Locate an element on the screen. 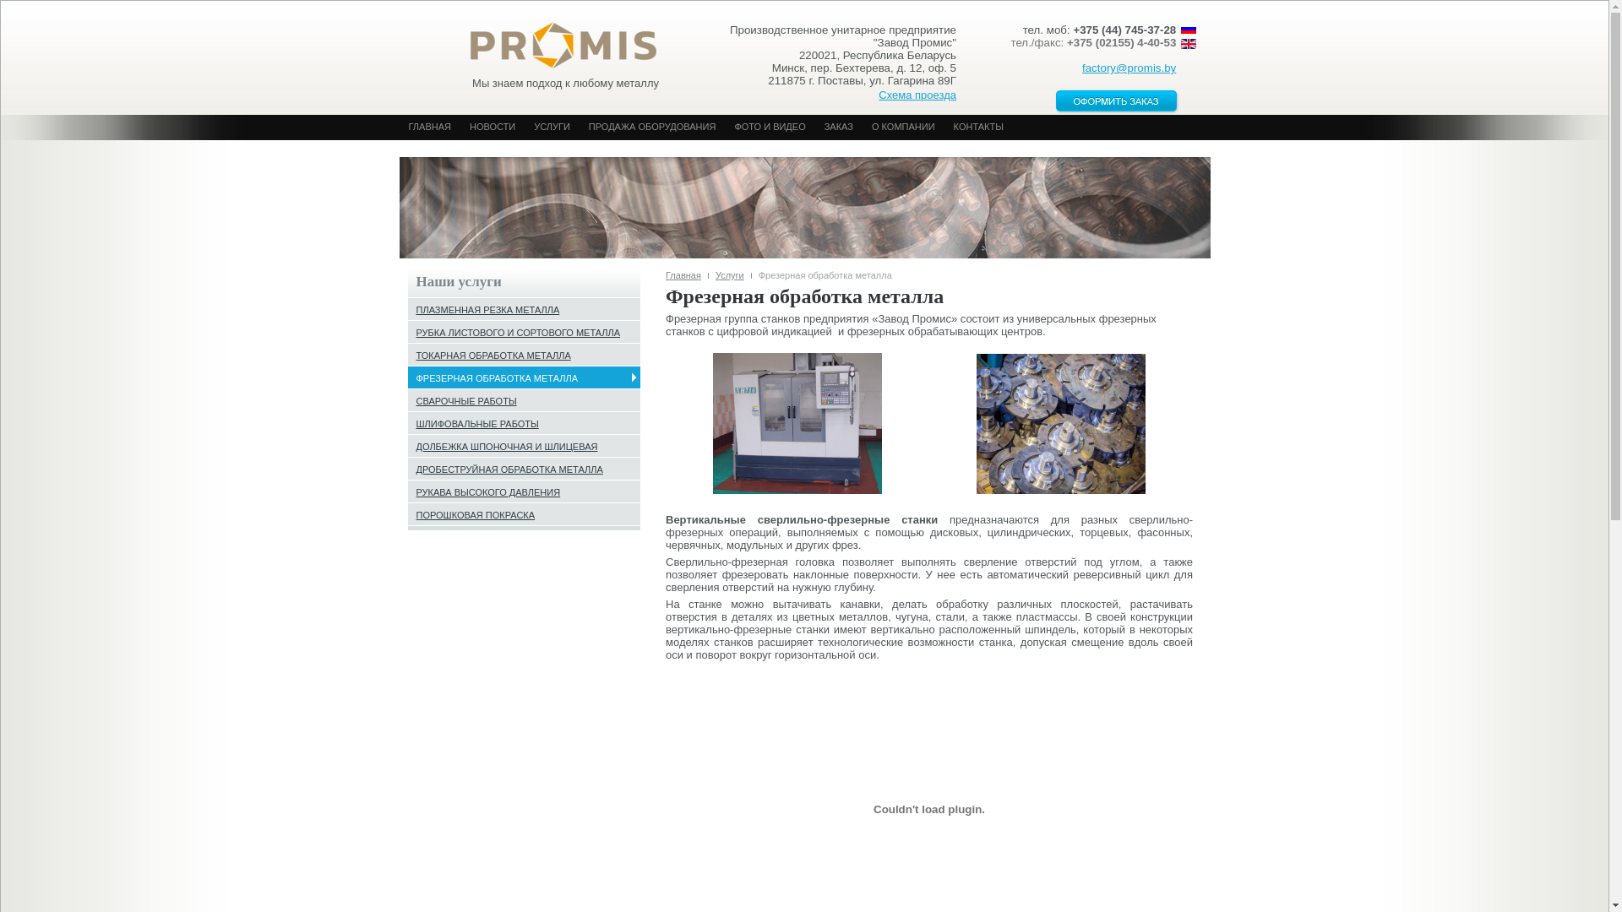 The image size is (1622, 912). 'factory@promis.by' is located at coordinates (1129, 67).